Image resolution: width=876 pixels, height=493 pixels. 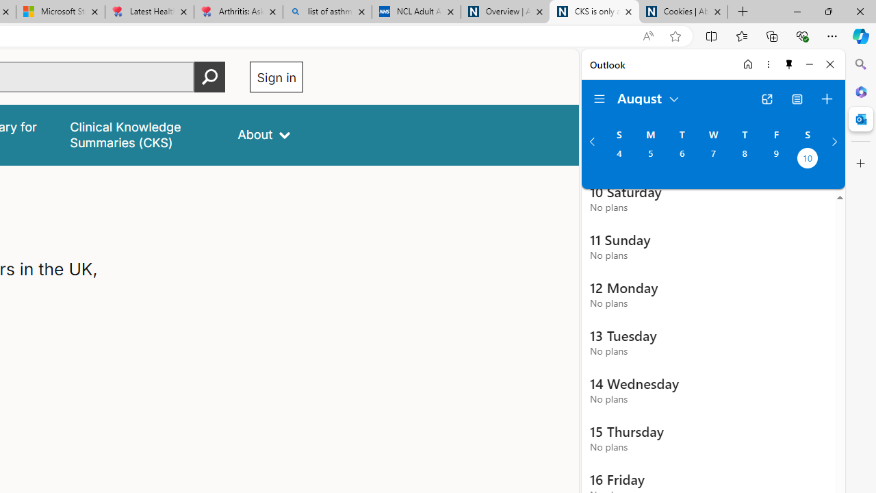 What do you see at coordinates (826, 99) in the screenshot?
I see `'Create event'` at bounding box center [826, 99].